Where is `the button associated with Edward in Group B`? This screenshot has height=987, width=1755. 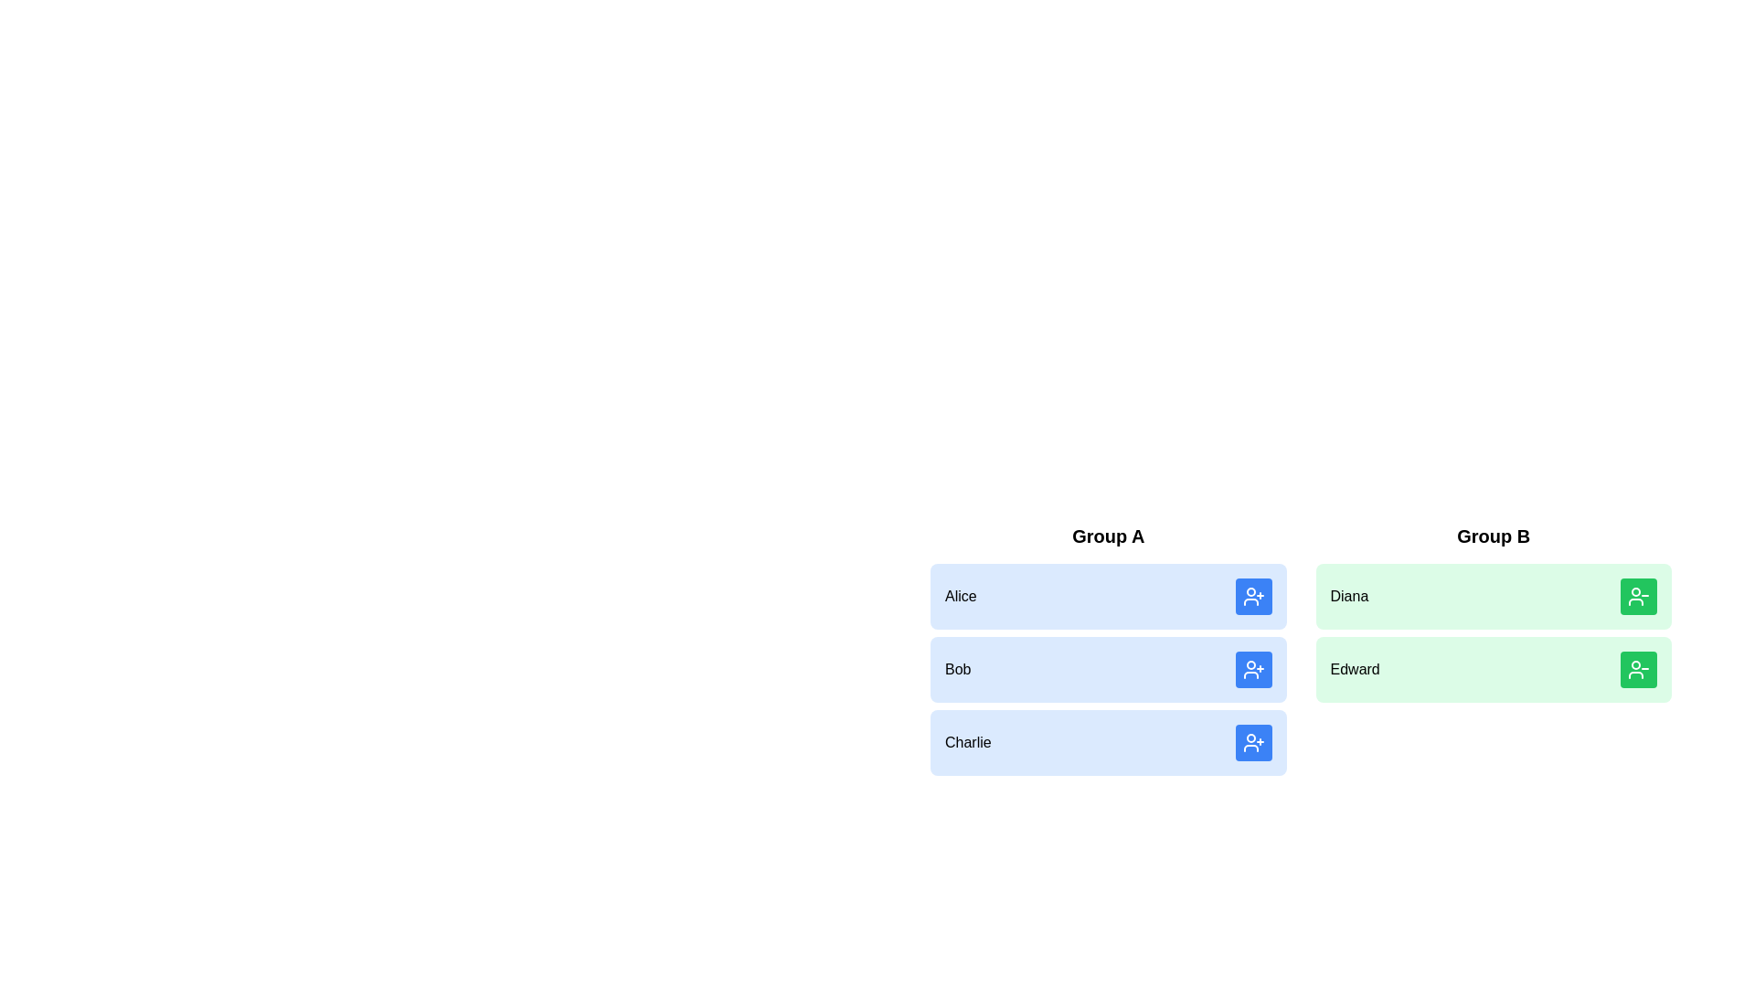 the button associated with Edward in Group B is located at coordinates (1639, 669).